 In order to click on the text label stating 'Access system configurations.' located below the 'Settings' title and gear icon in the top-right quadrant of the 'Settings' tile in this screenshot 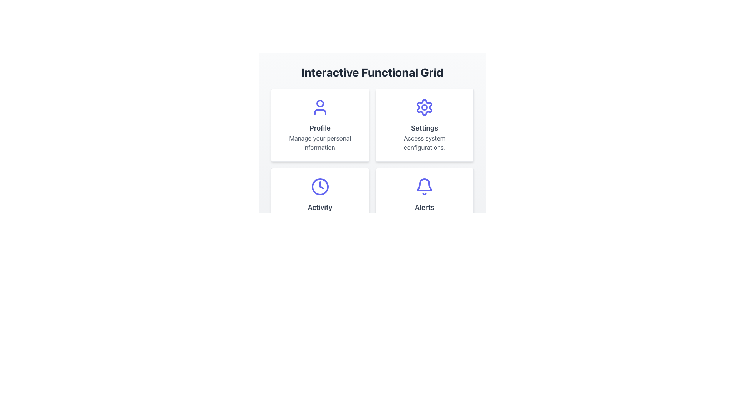, I will do `click(424, 143)`.